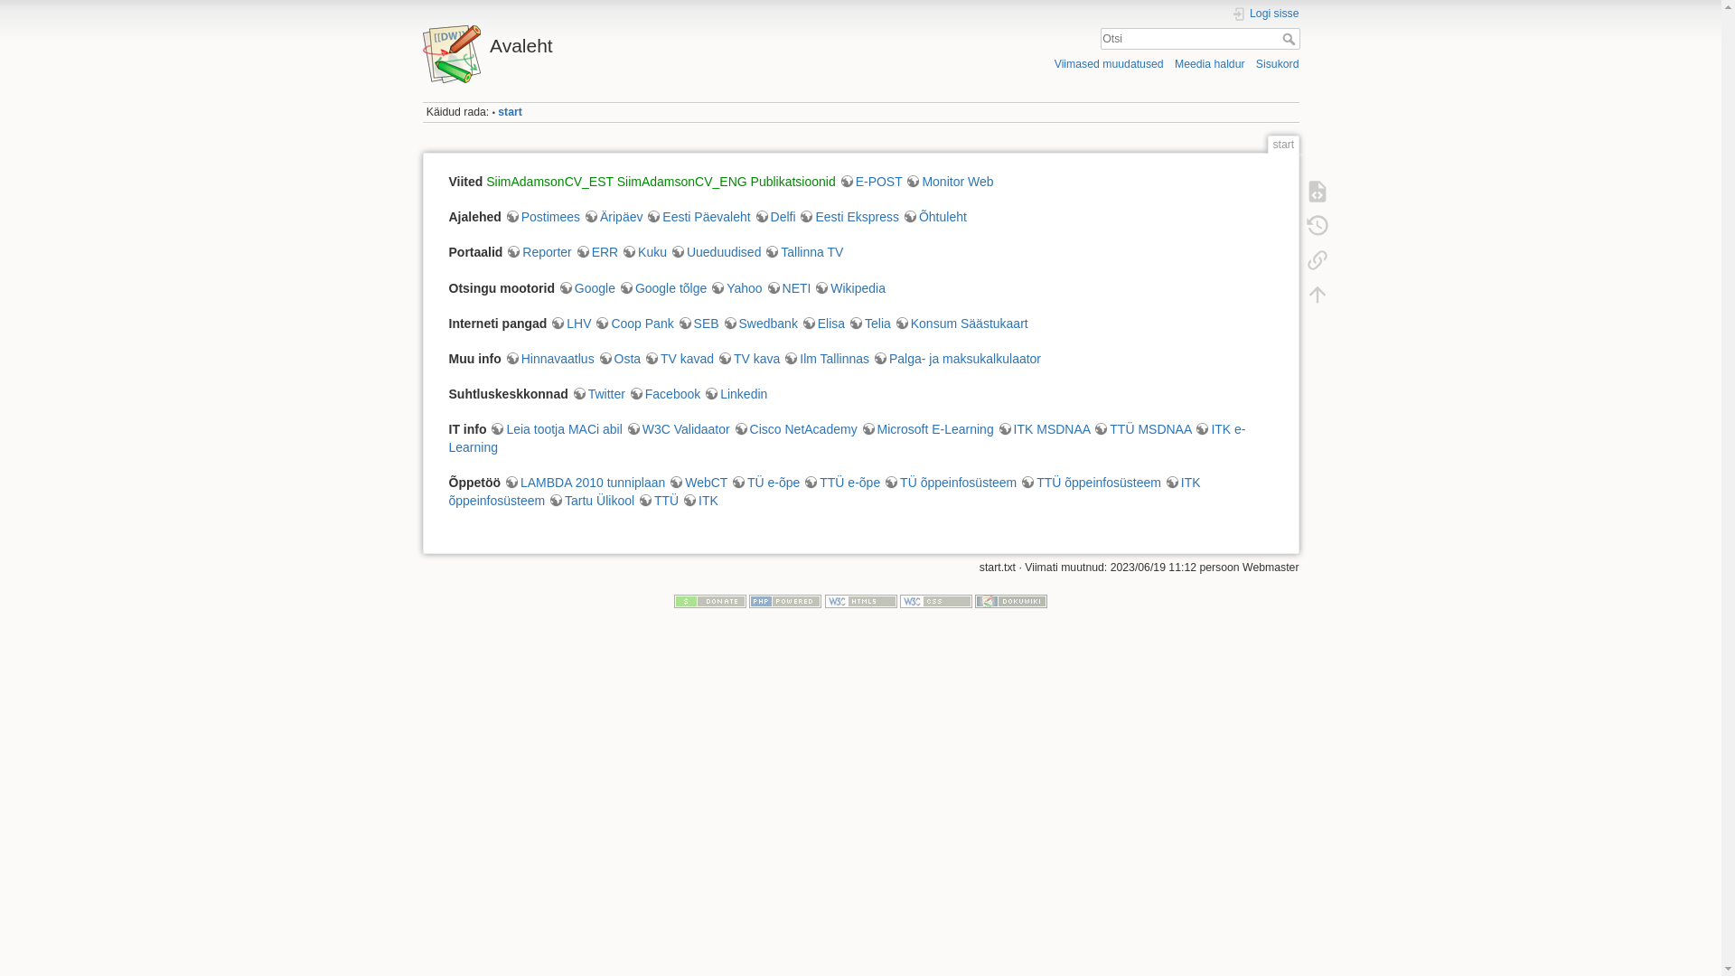 This screenshot has width=1735, height=976. I want to click on 'Tagasilingid', so click(1317, 260).